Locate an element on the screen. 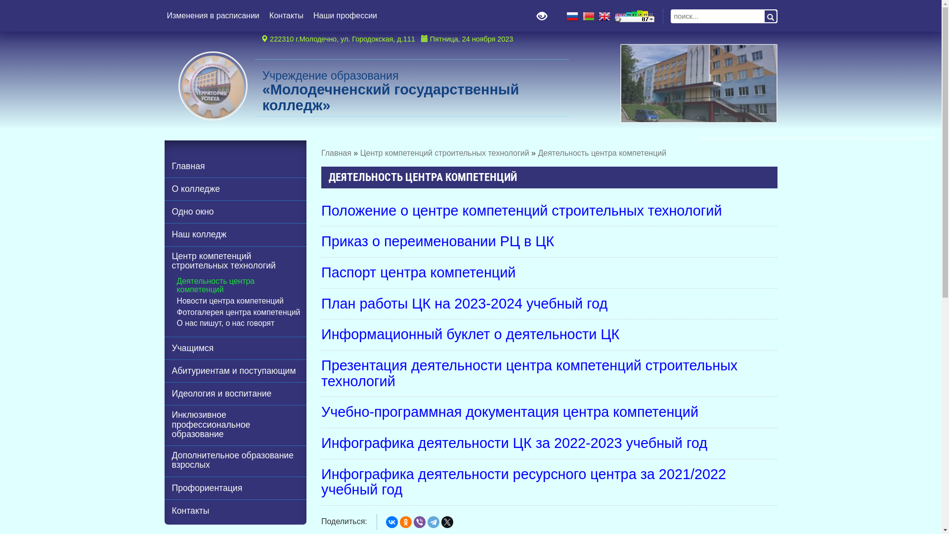 This screenshot has height=534, width=949. 'Telegram' is located at coordinates (433, 522).